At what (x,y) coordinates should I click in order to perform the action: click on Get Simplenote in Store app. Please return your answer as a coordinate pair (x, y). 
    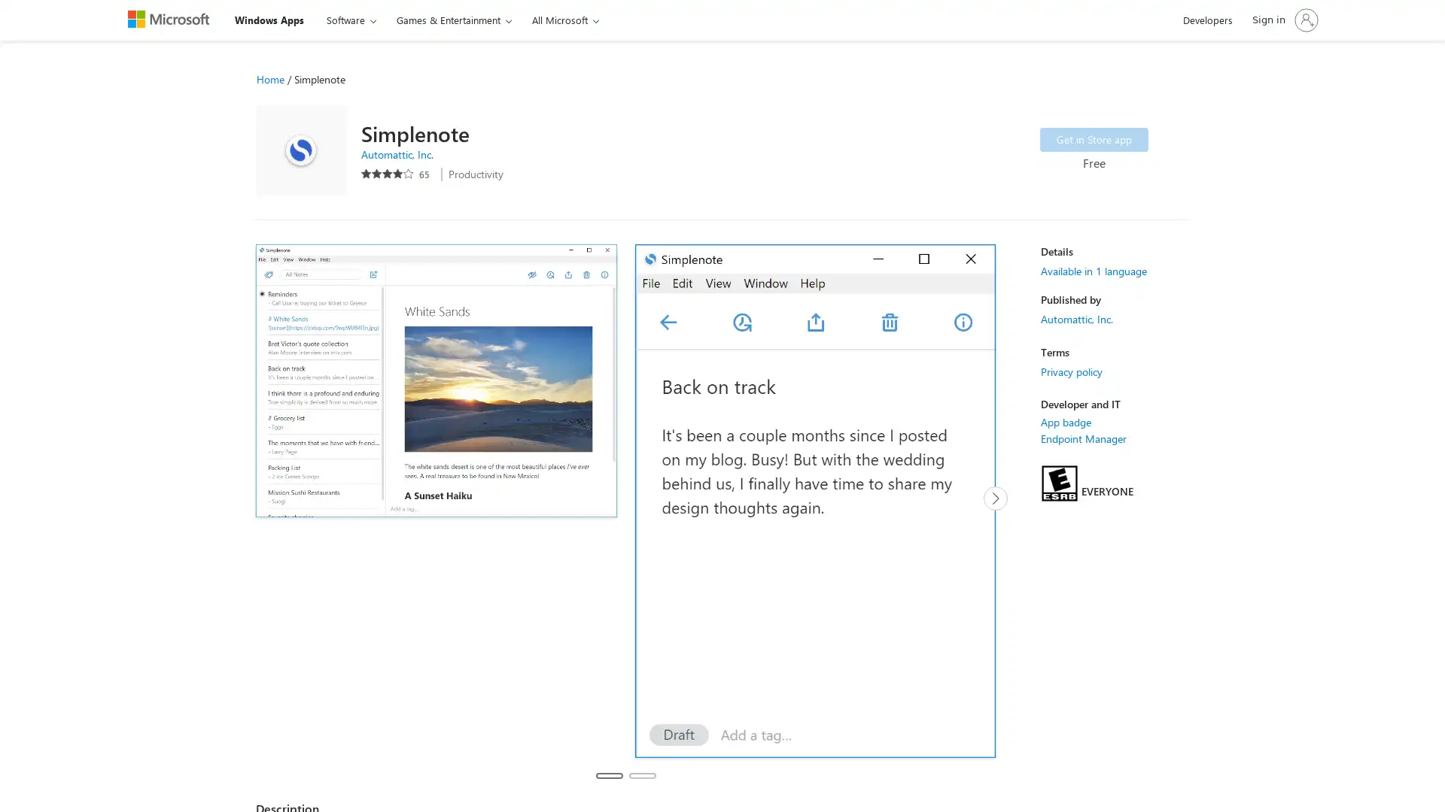
    Looking at the image, I should click on (1094, 139).